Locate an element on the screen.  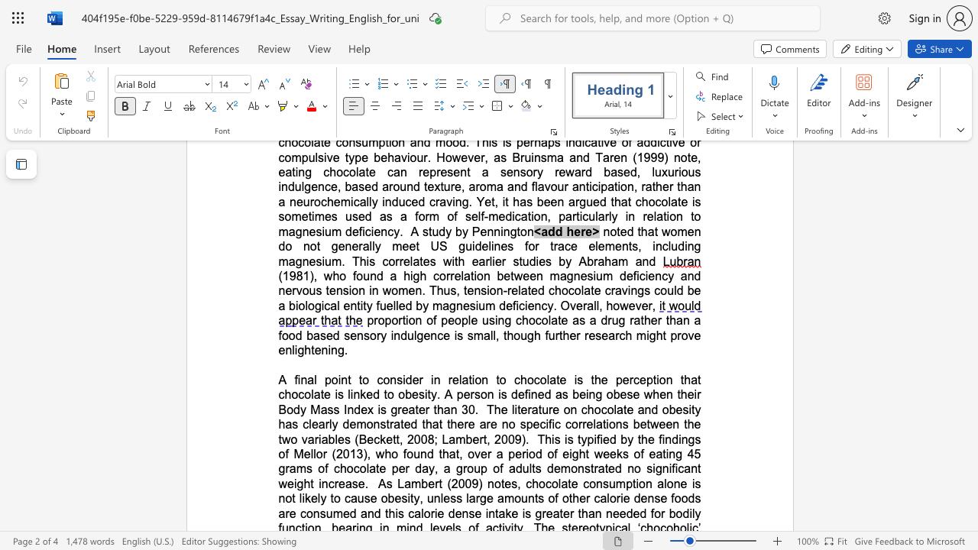
the subset text "ked to obesity" within the text "that chocolate is linked to obesity. A person is defined as being obese when their Body Mass Index is greater than 30" is located at coordinates (359, 393).